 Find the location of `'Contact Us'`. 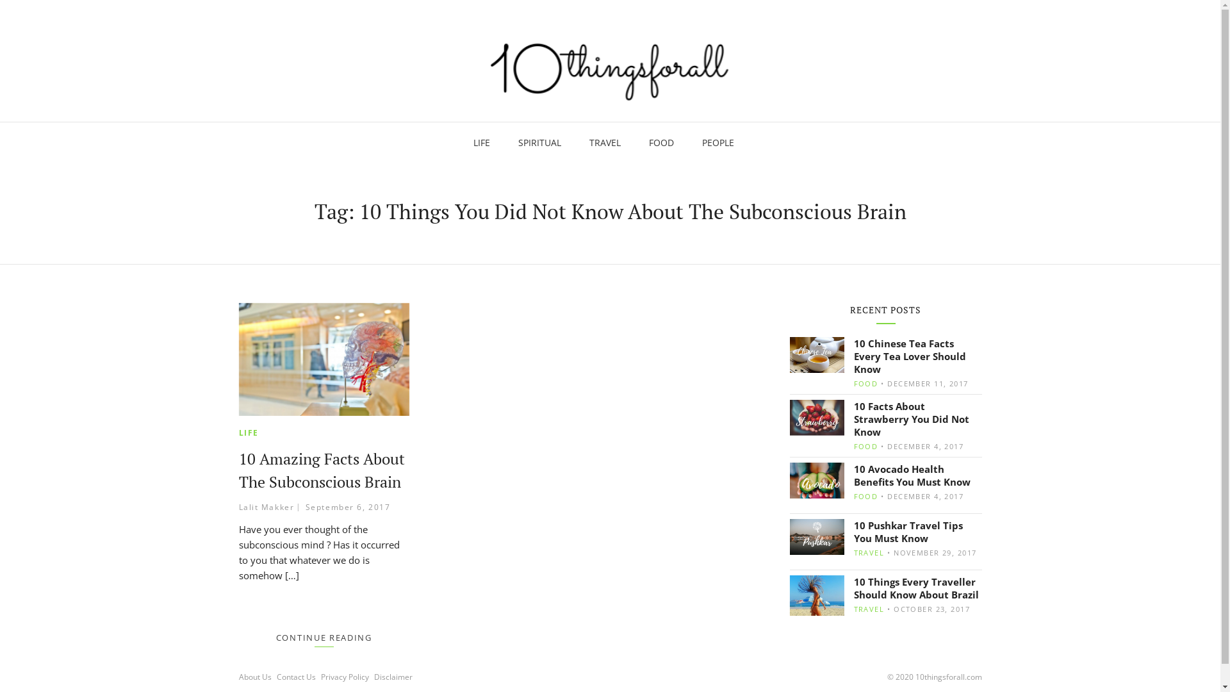

'Contact Us' is located at coordinates (297, 676).